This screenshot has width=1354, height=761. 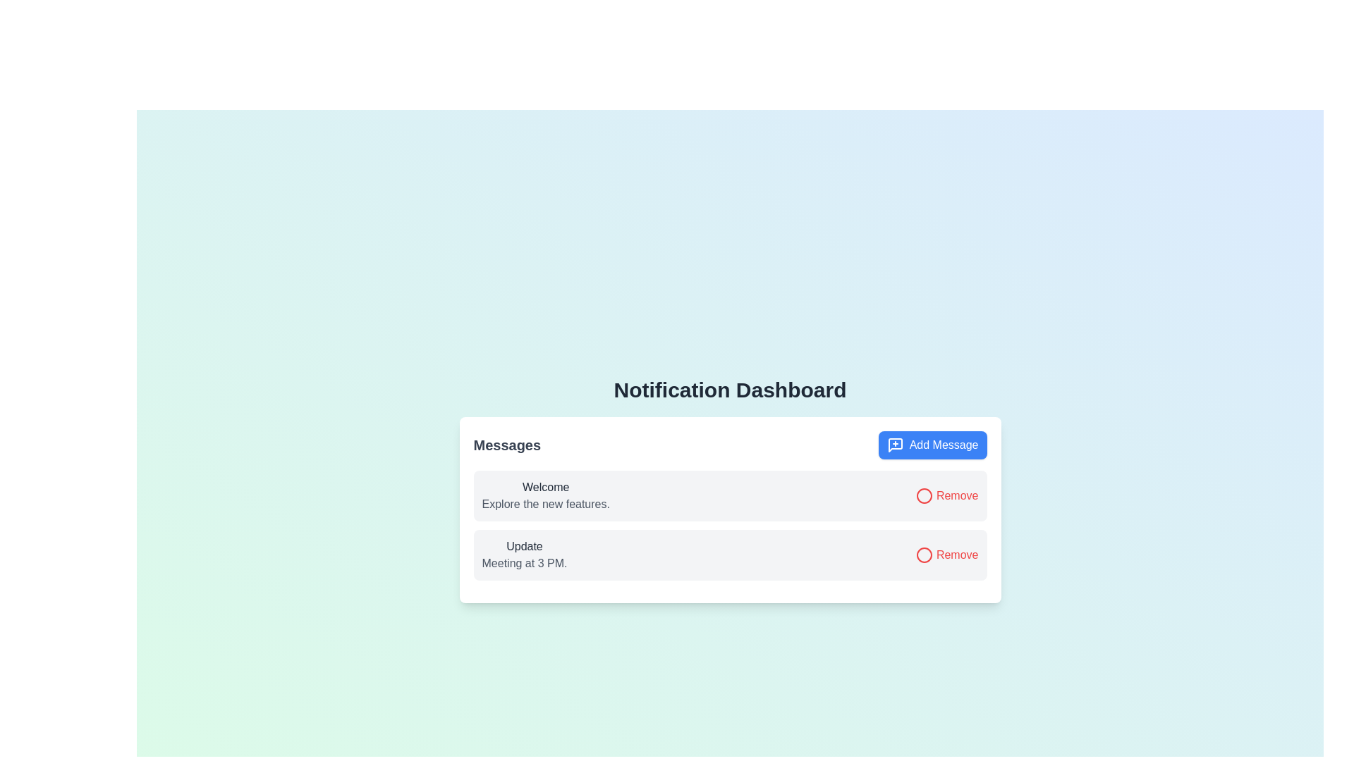 What do you see at coordinates (925, 555) in the screenshot?
I see `the red circular icon that serves as a 'Remove' action for the second item in the list, located in the 'Messages' section, to the right of the second row labeled 'Update'` at bounding box center [925, 555].